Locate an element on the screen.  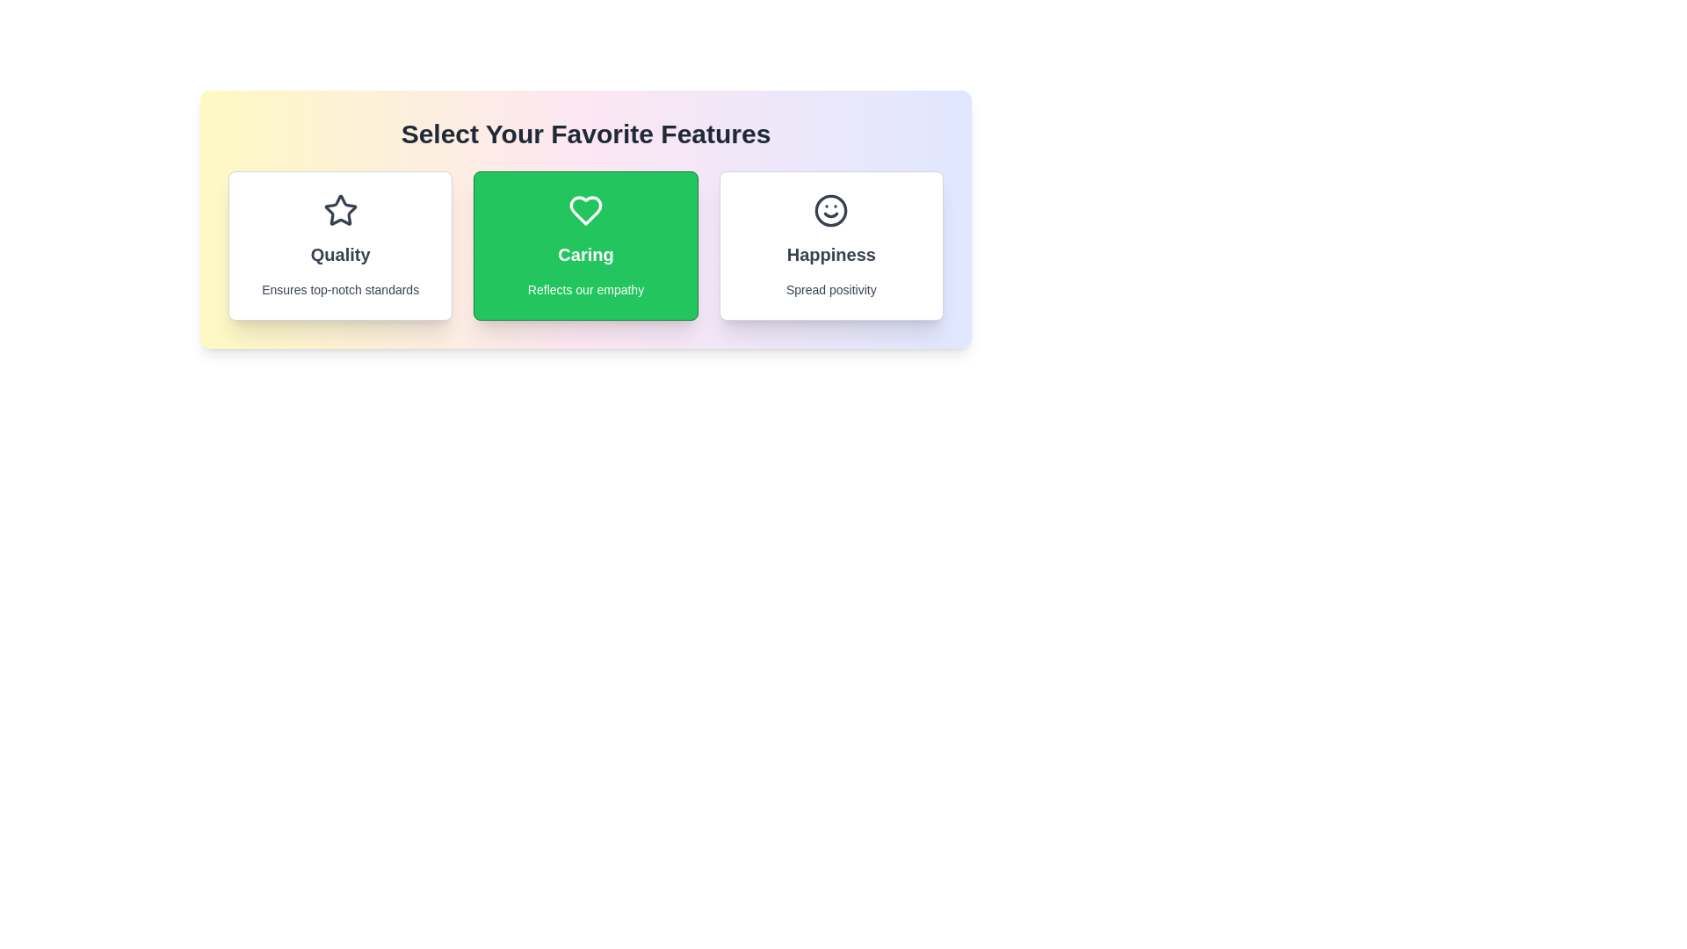
the feature card Happiness by clicking on it is located at coordinates (829, 246).